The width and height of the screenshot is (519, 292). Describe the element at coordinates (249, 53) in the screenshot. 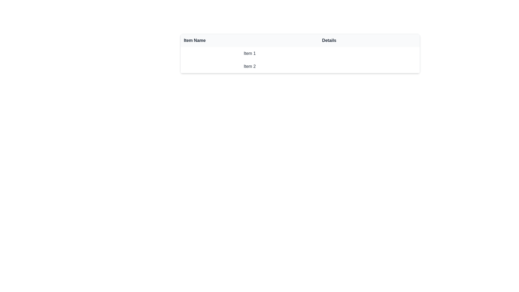

I see `the text label that serves as the identifier for the first item listed under the 'Item Name' column in the table` at that location.